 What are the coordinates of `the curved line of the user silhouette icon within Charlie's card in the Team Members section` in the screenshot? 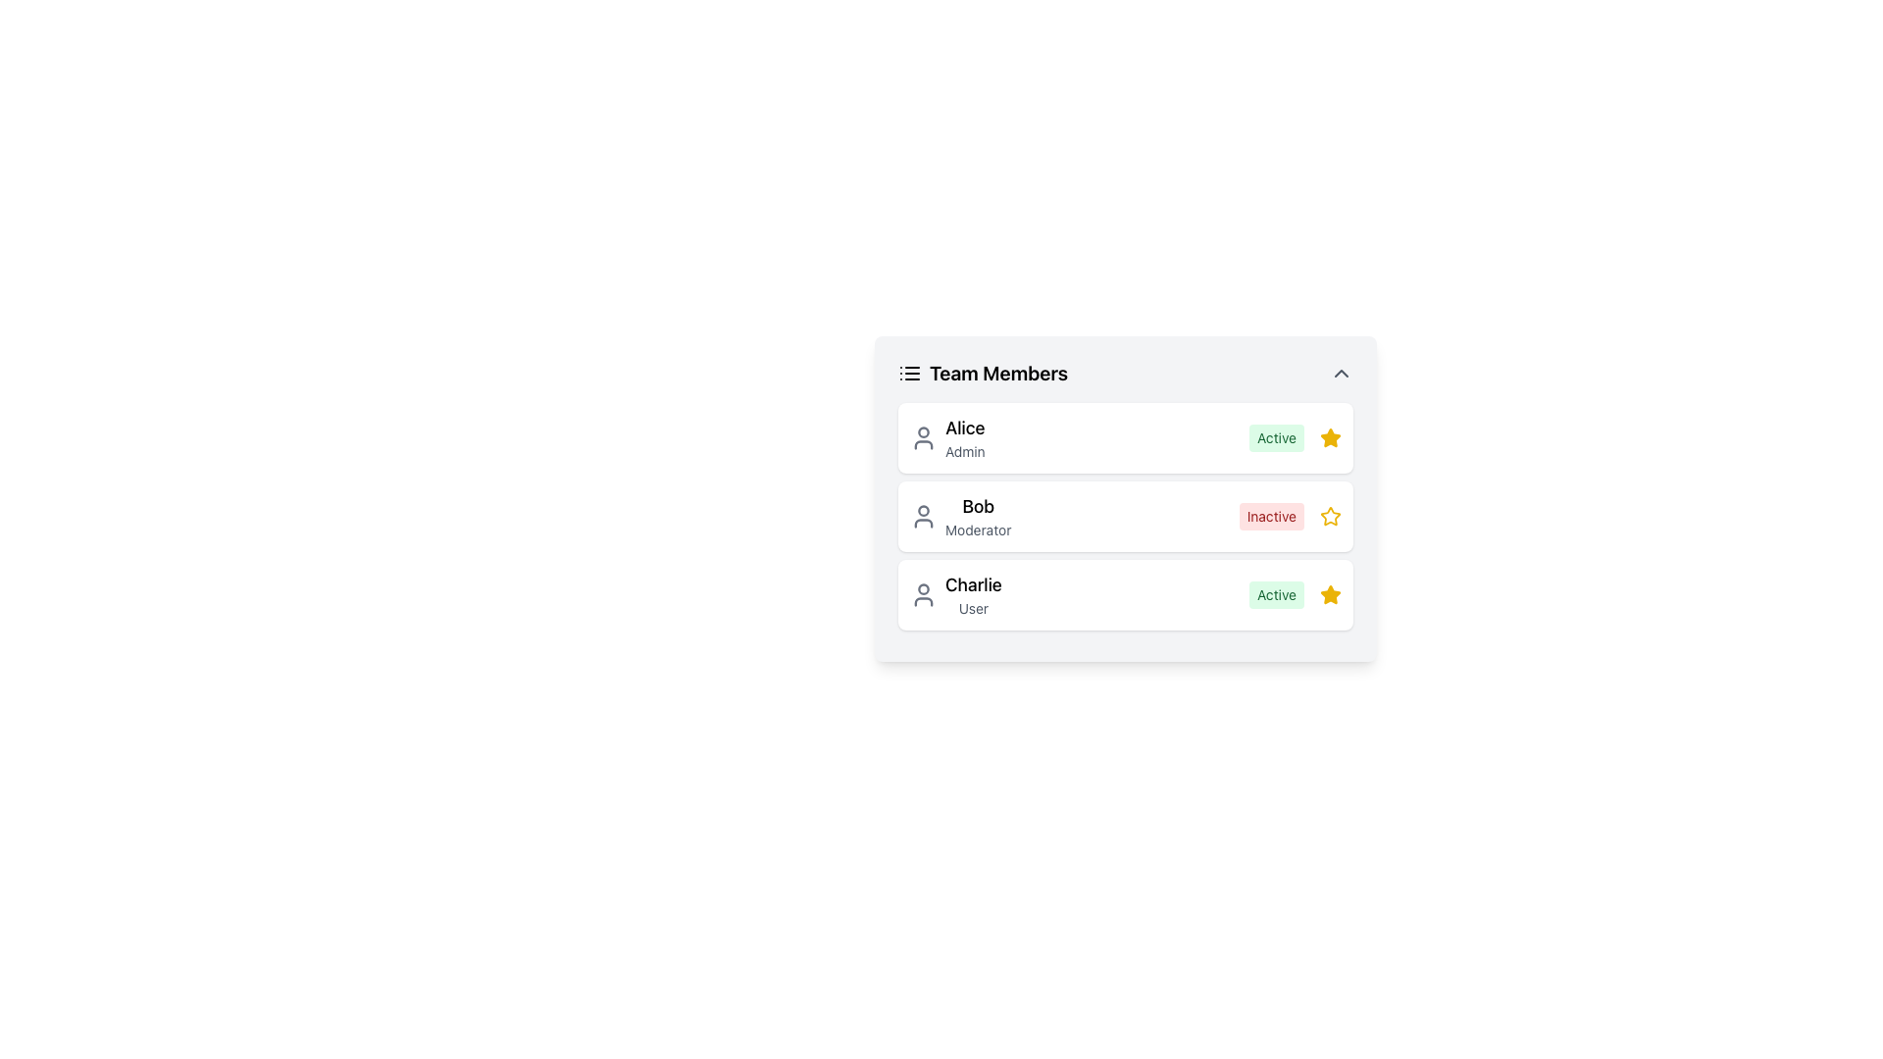 It's located at (922, 600).